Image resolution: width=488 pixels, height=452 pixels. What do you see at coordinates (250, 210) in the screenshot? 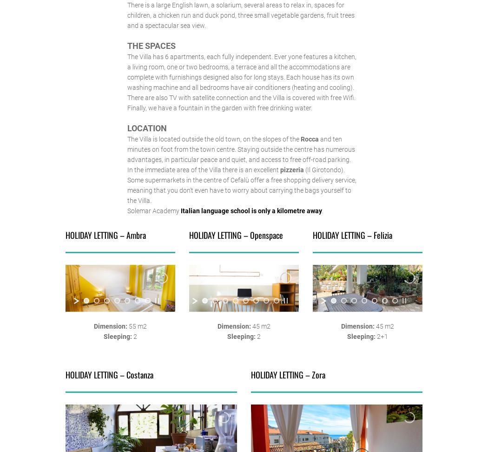
I see `'Italian language school is only a kilometre away'` at bounding box center [250, 210].